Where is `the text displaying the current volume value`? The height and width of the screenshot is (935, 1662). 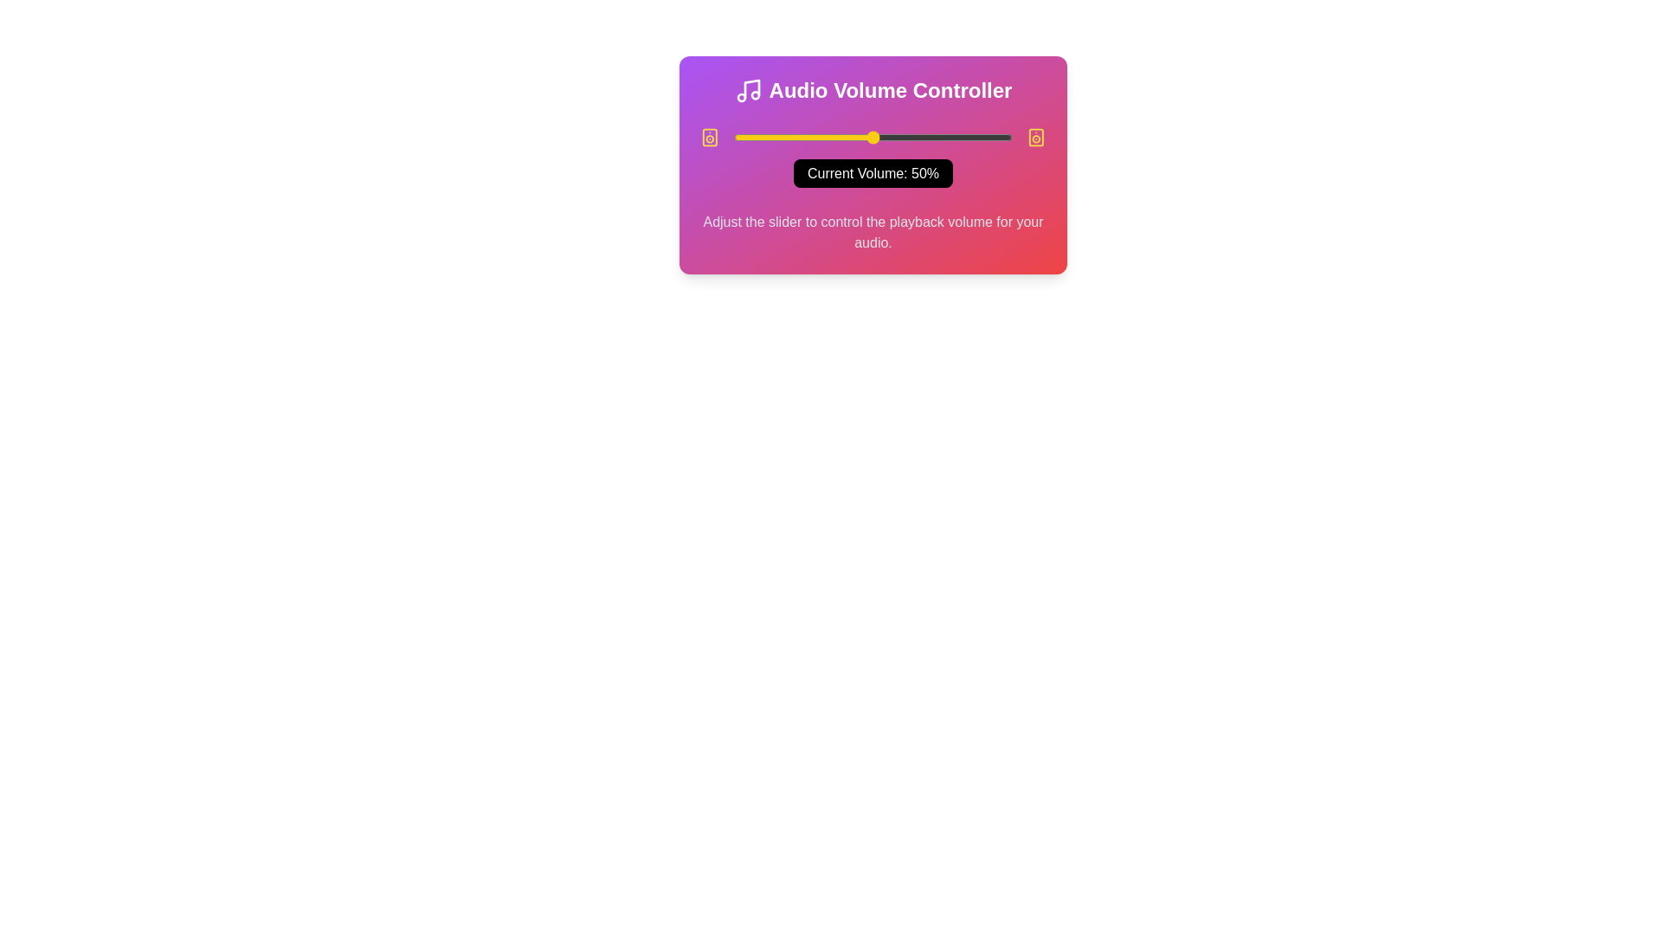 the text displaying the current volume value is located at coordinates (873, 173).